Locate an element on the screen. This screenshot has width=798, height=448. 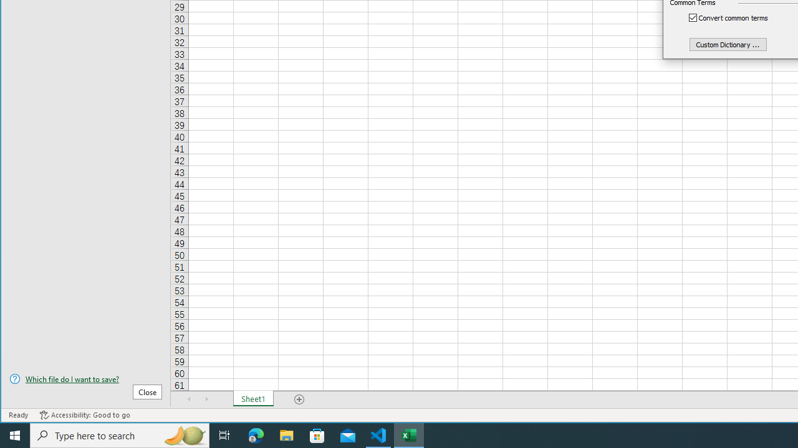
'Which file do I want to save?' is located at coordinates (85, 378).